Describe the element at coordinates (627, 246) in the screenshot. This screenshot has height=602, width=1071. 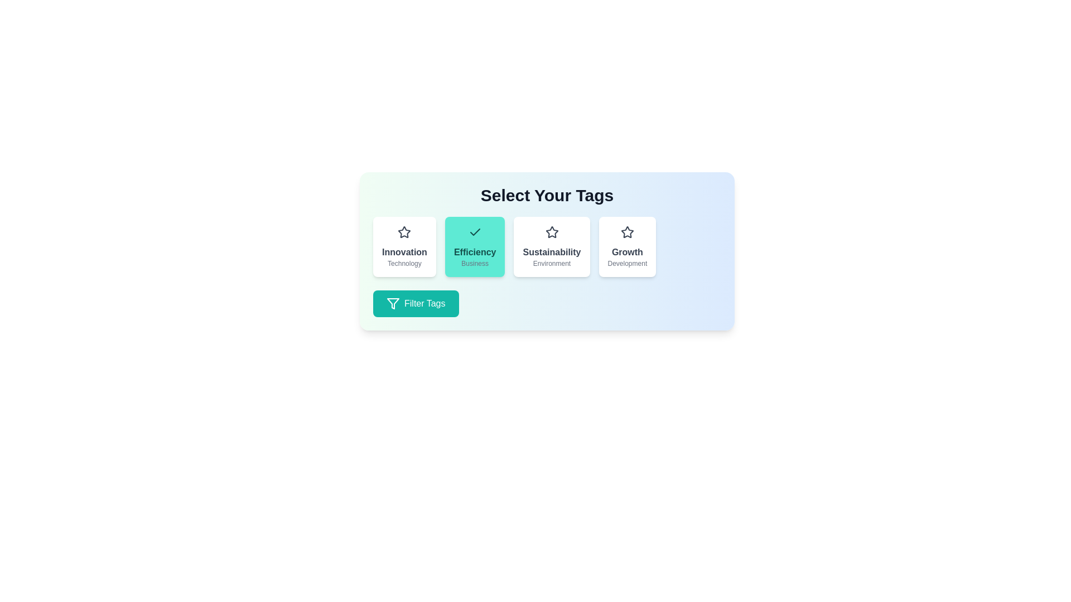
I see `the tag Growth by clicking on it` at that location.